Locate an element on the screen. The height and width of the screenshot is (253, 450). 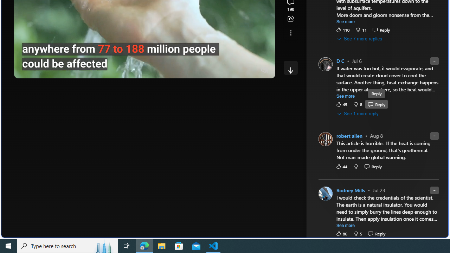
'Rodney Mills' is located at coordinates (351, 190).